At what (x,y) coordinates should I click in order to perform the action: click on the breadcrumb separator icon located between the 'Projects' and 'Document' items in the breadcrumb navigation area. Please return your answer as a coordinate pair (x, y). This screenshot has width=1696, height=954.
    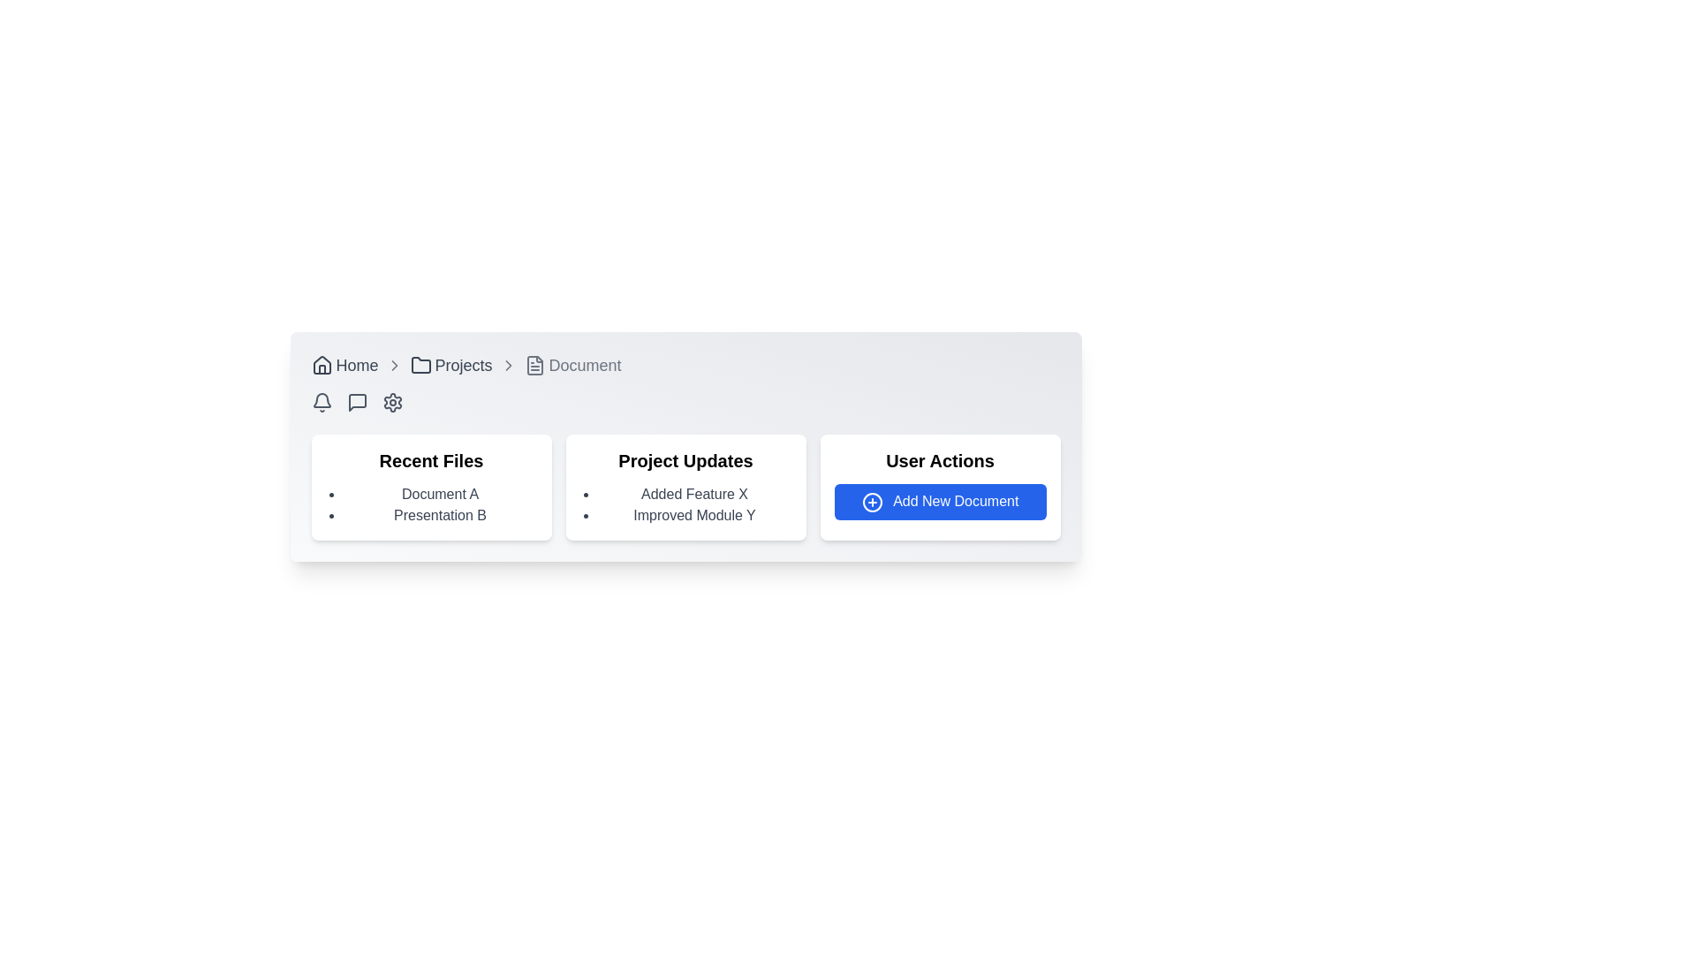
    Looking at the image, I should click on (507, 364).